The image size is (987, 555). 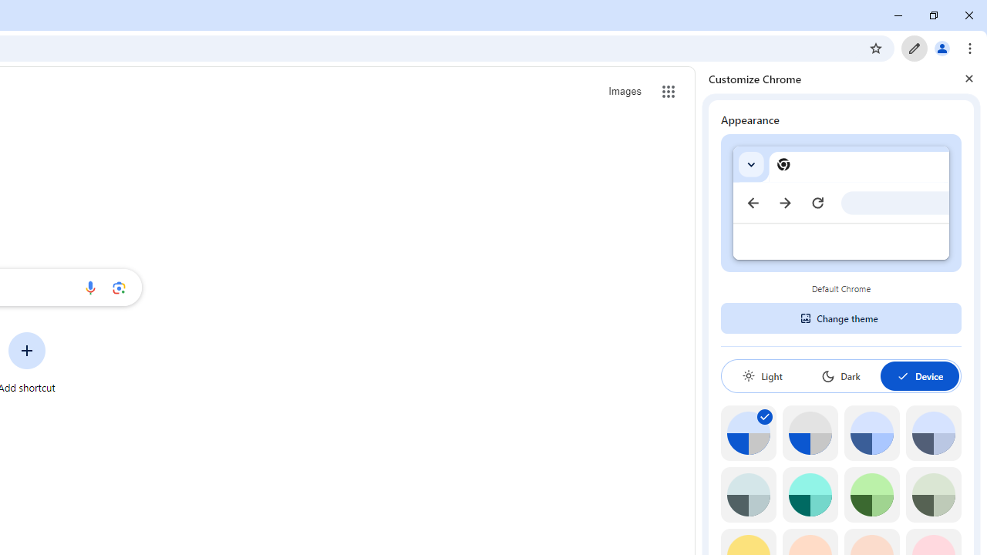 What do you see at coordinates (932, 495) in the screenshot?
I see `'Viridian'` at bounding box center [932, 495].